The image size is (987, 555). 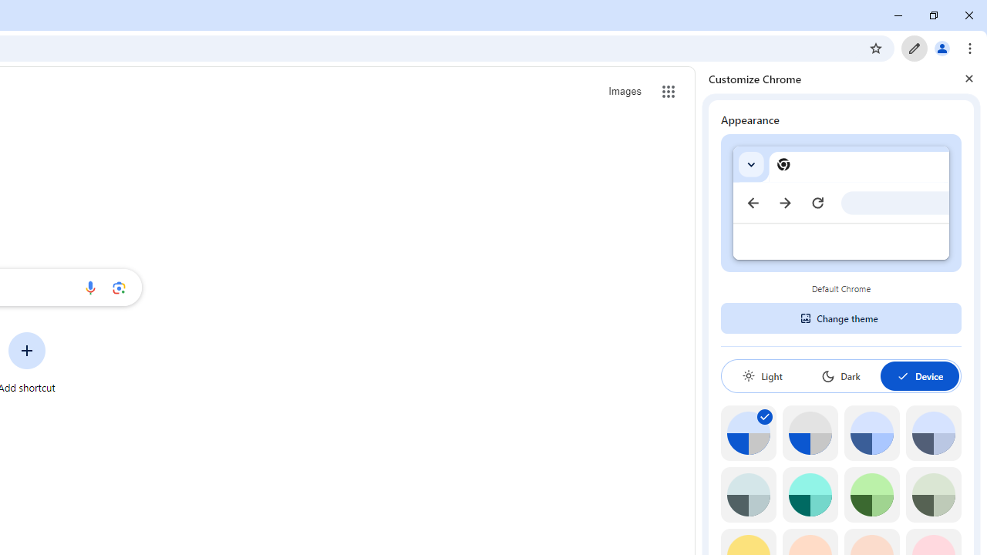 What do you see at coordinates (932, 495) in the screenshot?
I see `'Viridian'` at bounding box center [932, 495].